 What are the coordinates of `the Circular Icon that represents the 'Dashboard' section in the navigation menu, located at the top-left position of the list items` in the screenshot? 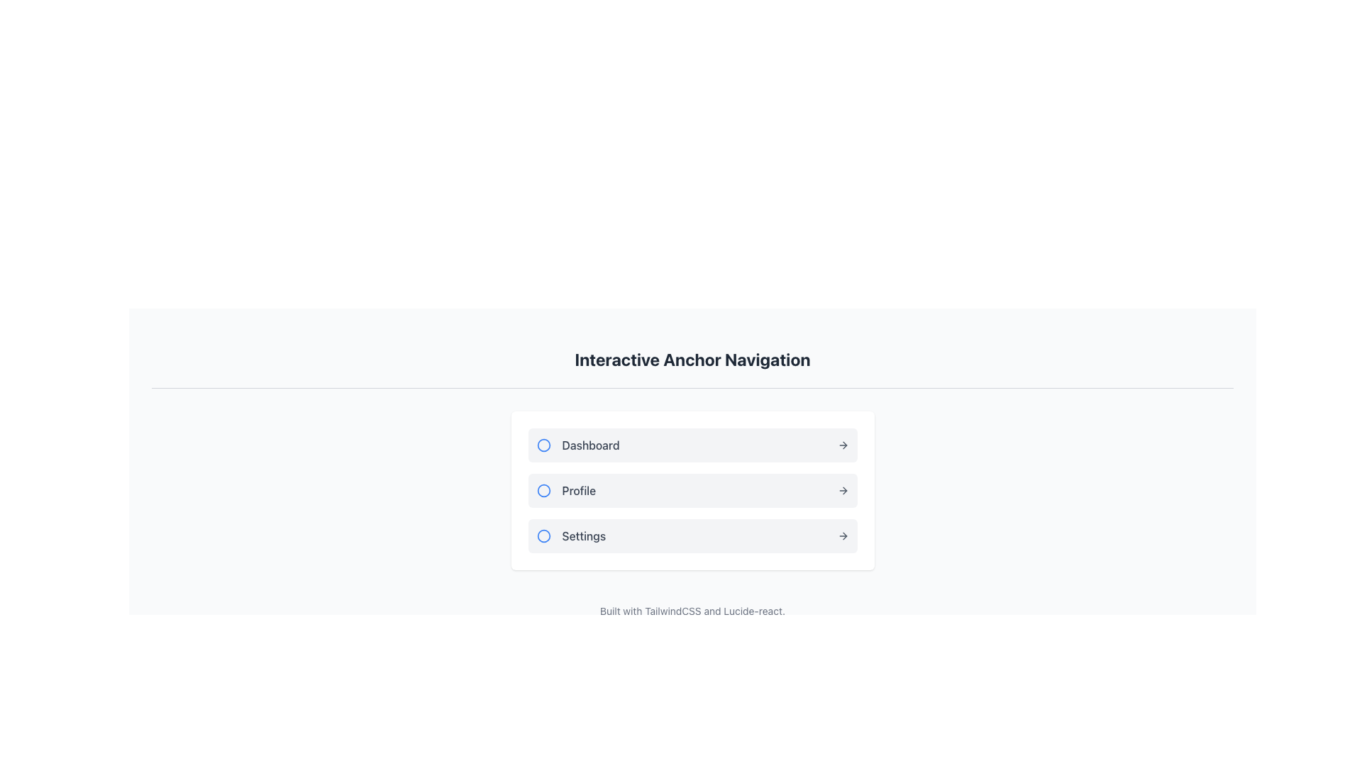 It's located at (543, 445).